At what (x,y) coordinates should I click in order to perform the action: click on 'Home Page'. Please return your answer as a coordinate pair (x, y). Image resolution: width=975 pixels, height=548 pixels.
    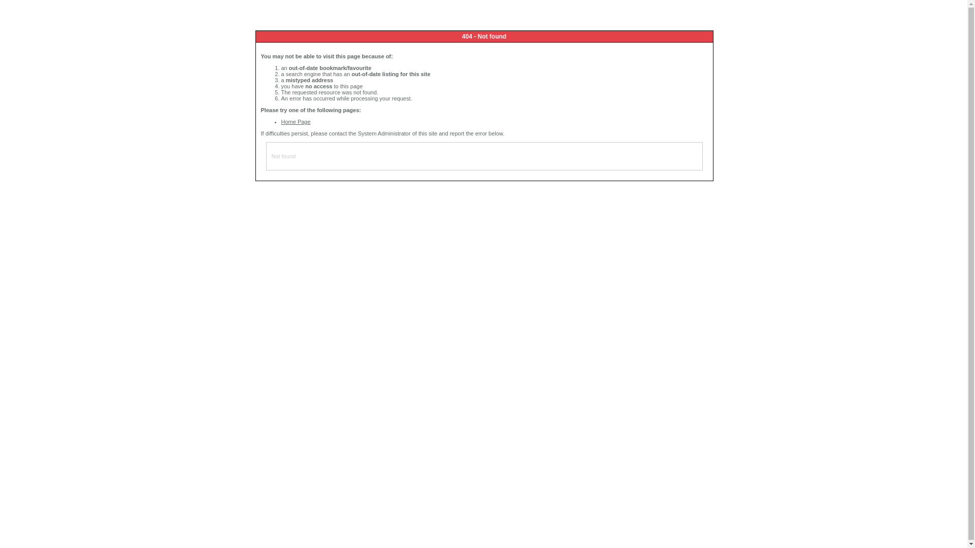
    Looking at the image, I should click on (295, 121).